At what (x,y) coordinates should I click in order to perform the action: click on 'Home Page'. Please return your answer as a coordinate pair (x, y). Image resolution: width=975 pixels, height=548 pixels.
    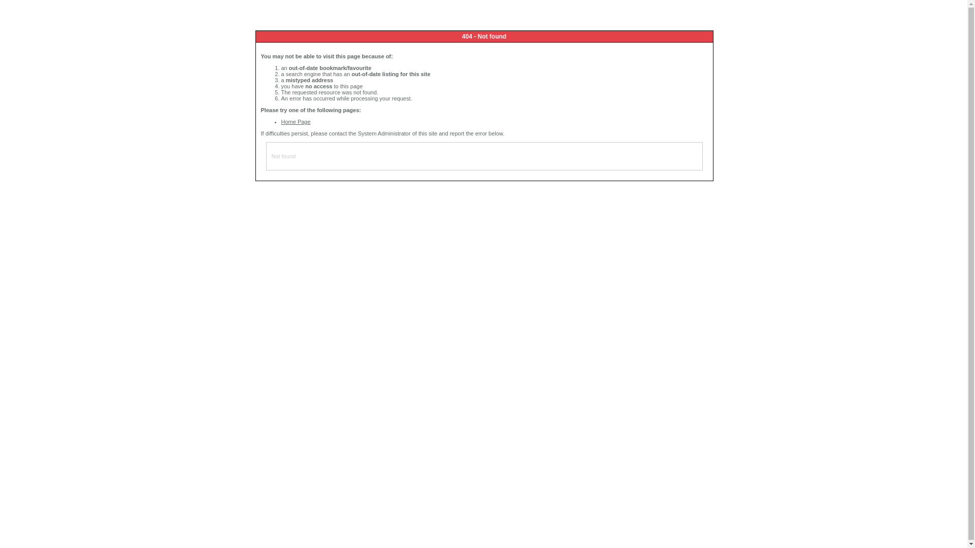
    Looking at the image, I should click on (295, 121).